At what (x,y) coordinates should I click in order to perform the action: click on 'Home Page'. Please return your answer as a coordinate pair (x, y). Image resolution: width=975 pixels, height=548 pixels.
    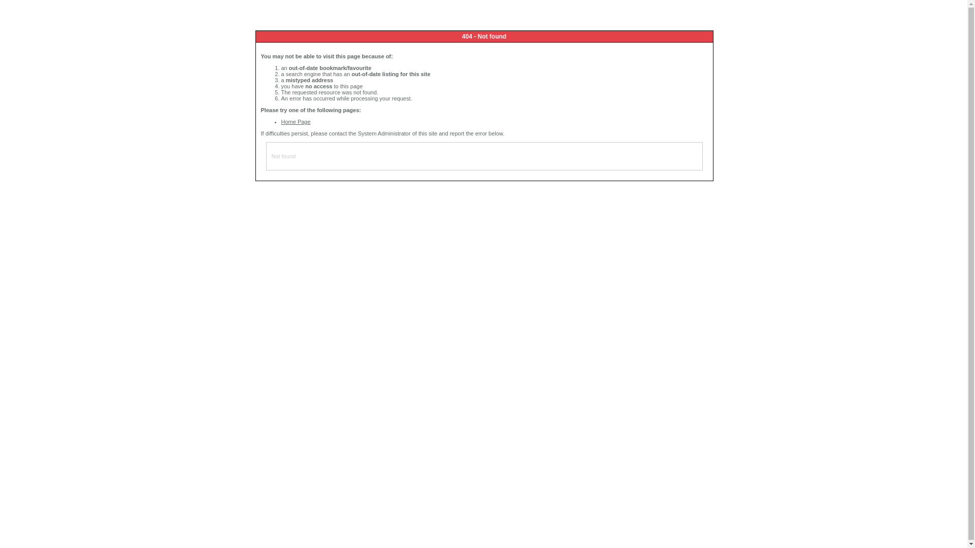
    Looking at the image, I should click on (295, 121).